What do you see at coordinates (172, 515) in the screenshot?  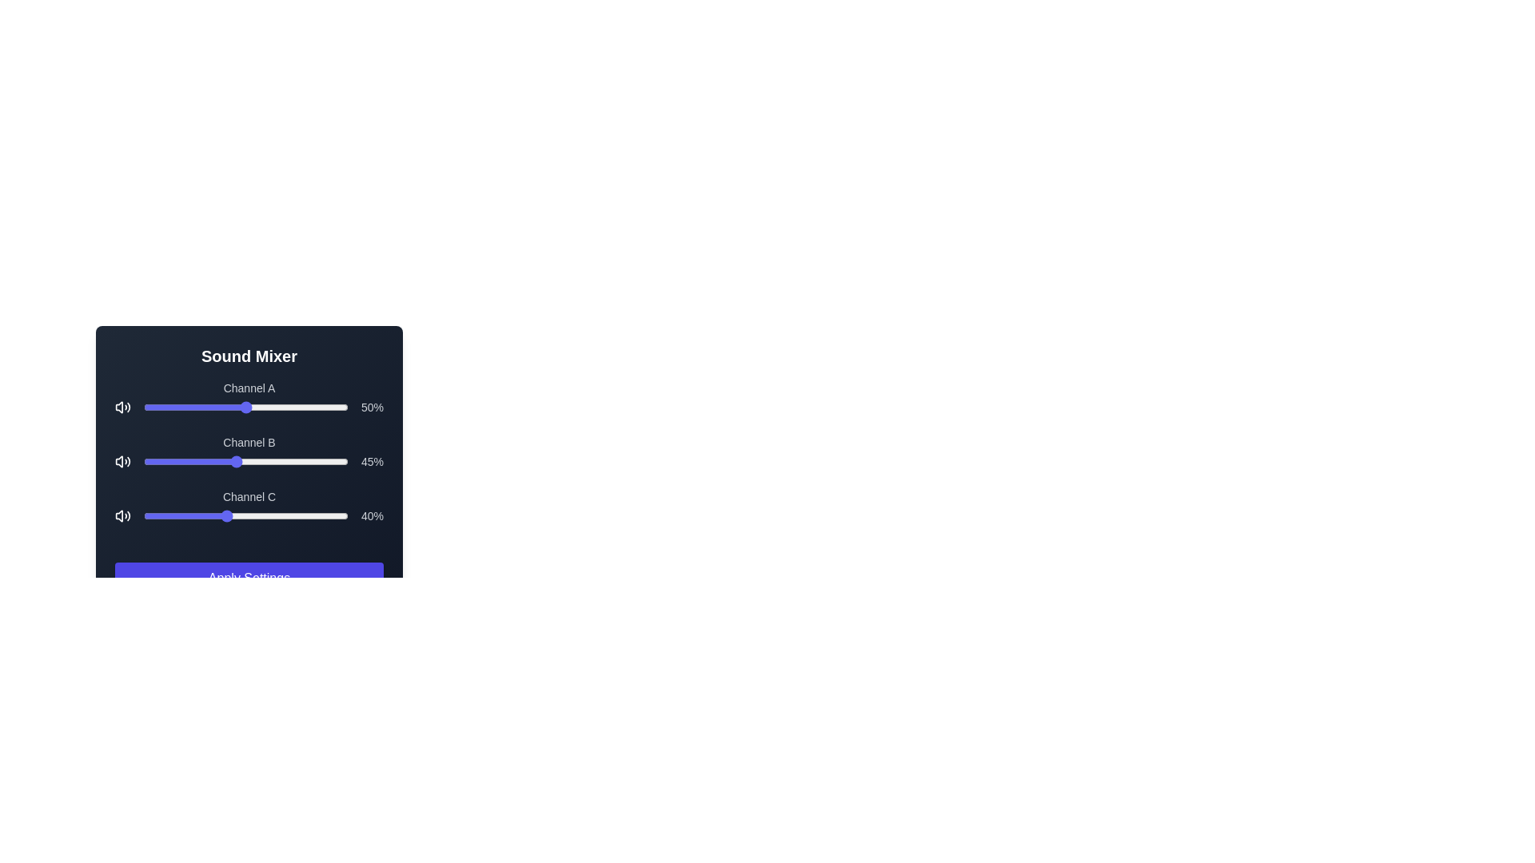 I see `Channel C volume` at bounding box center [172, 515].